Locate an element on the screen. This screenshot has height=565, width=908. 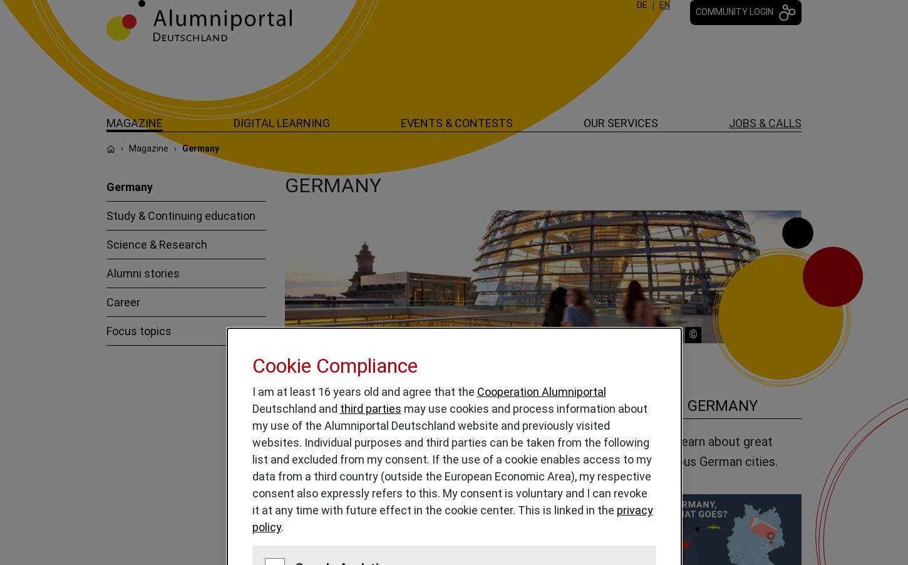
'Digital Learning' is located at coordinates (232, 122).